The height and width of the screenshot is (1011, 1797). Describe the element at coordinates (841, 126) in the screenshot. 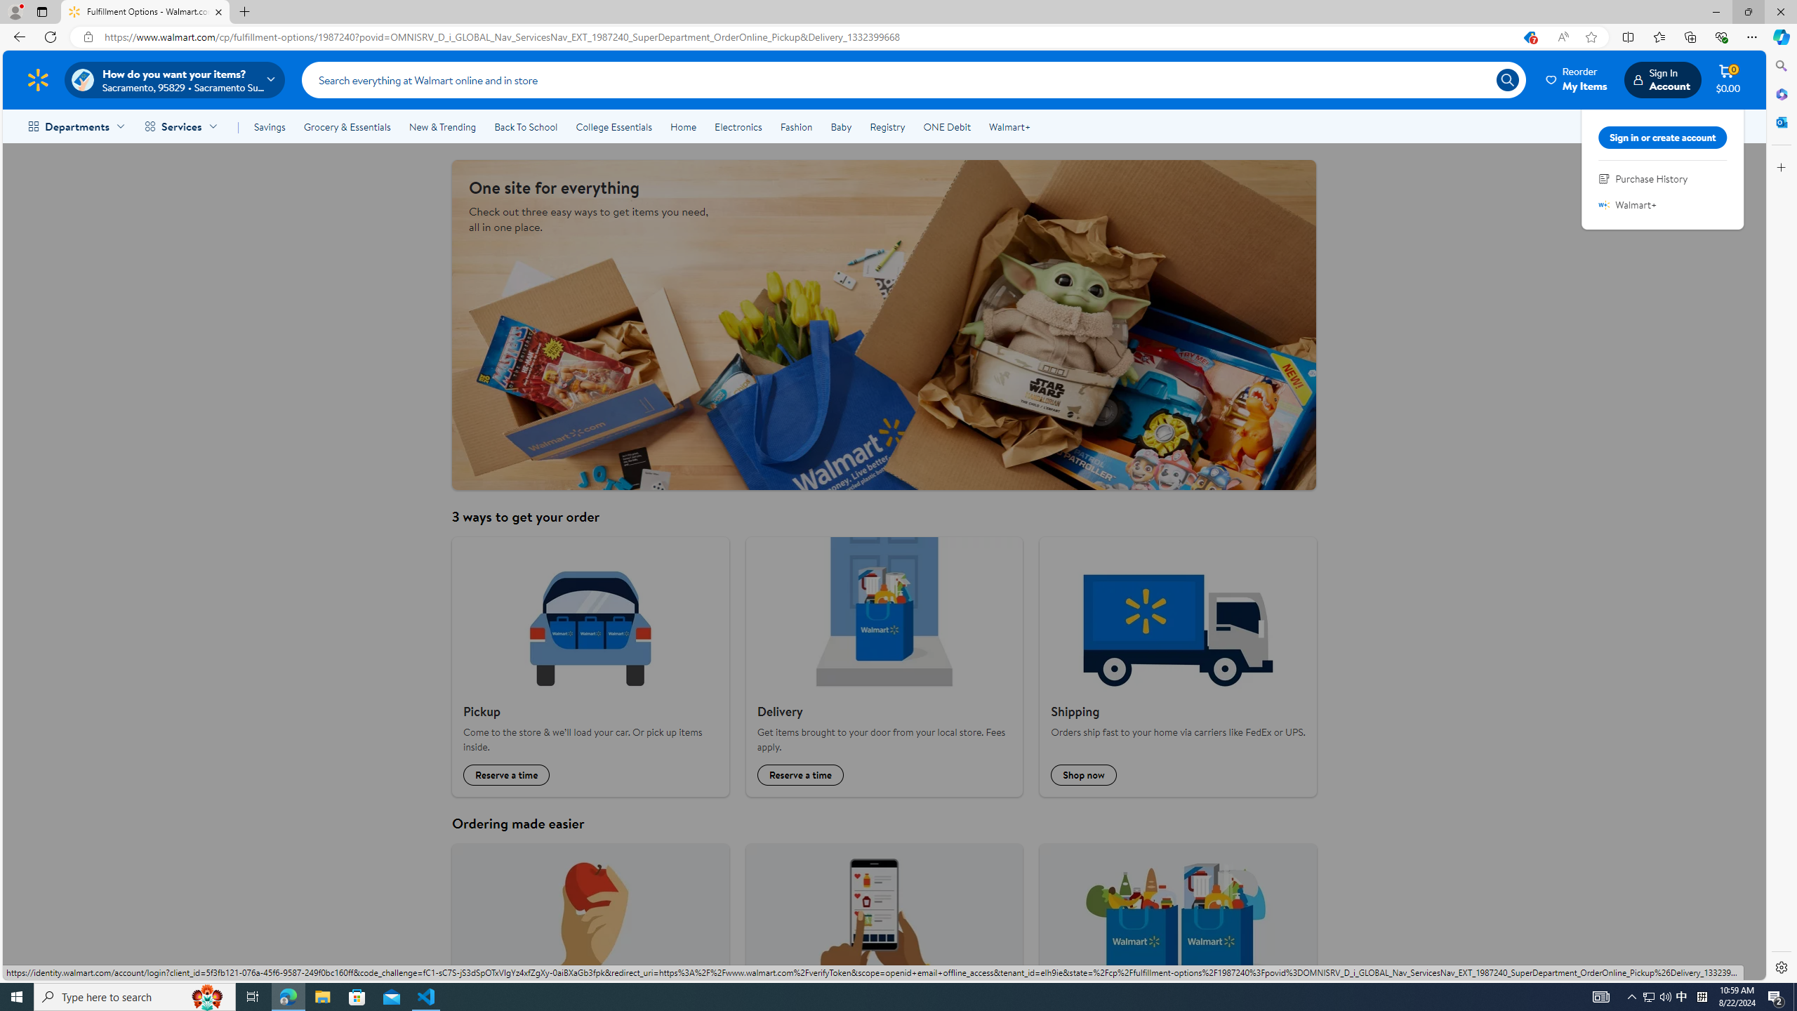

I see `'Baby'` at that location.